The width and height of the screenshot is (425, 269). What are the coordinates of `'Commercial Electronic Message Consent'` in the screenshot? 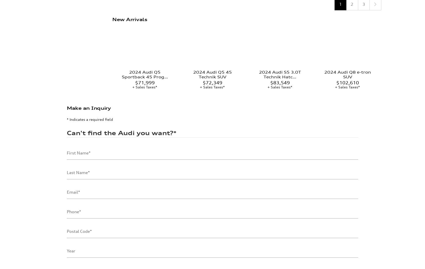 It's located at (99, 262).